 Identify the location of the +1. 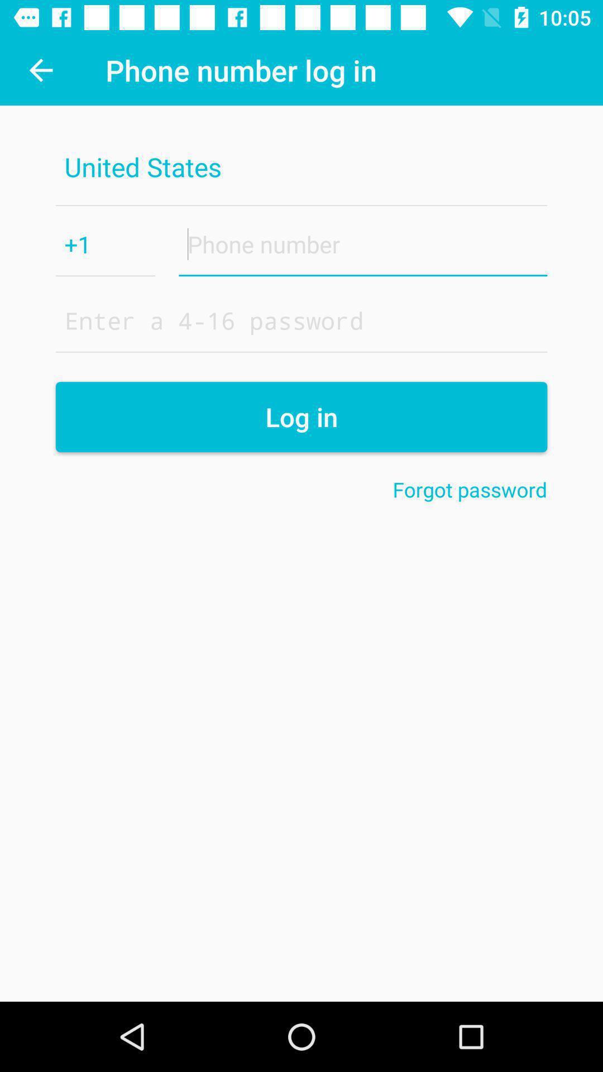
(106, 243).